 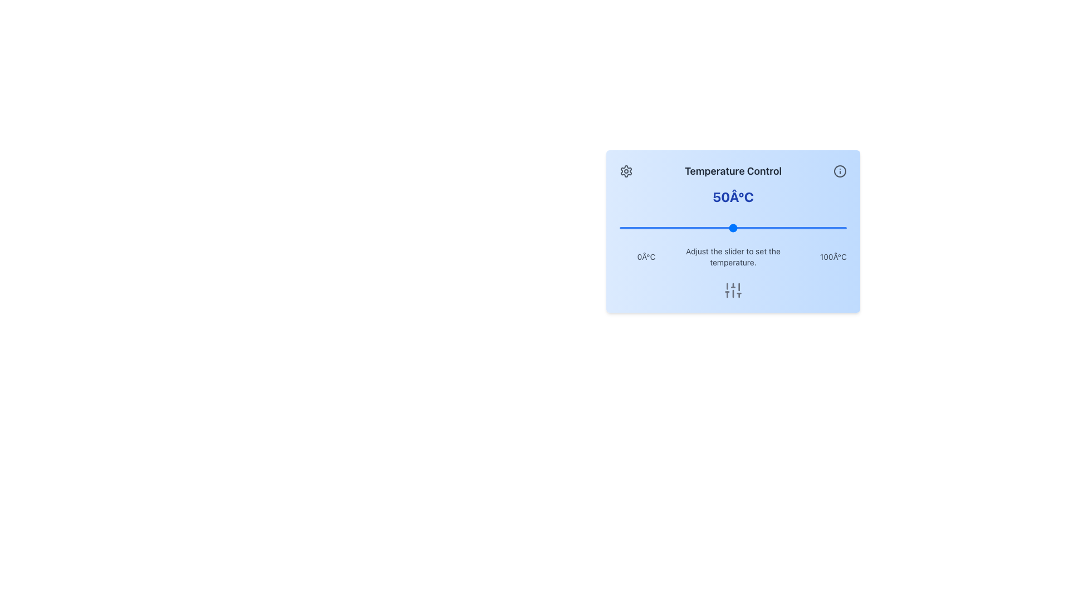 I want to click on the graphical circle SVG element located in the top-right corner of the temperature control UI card, which is part of an info or warning icon, so click(x=840, y=171).